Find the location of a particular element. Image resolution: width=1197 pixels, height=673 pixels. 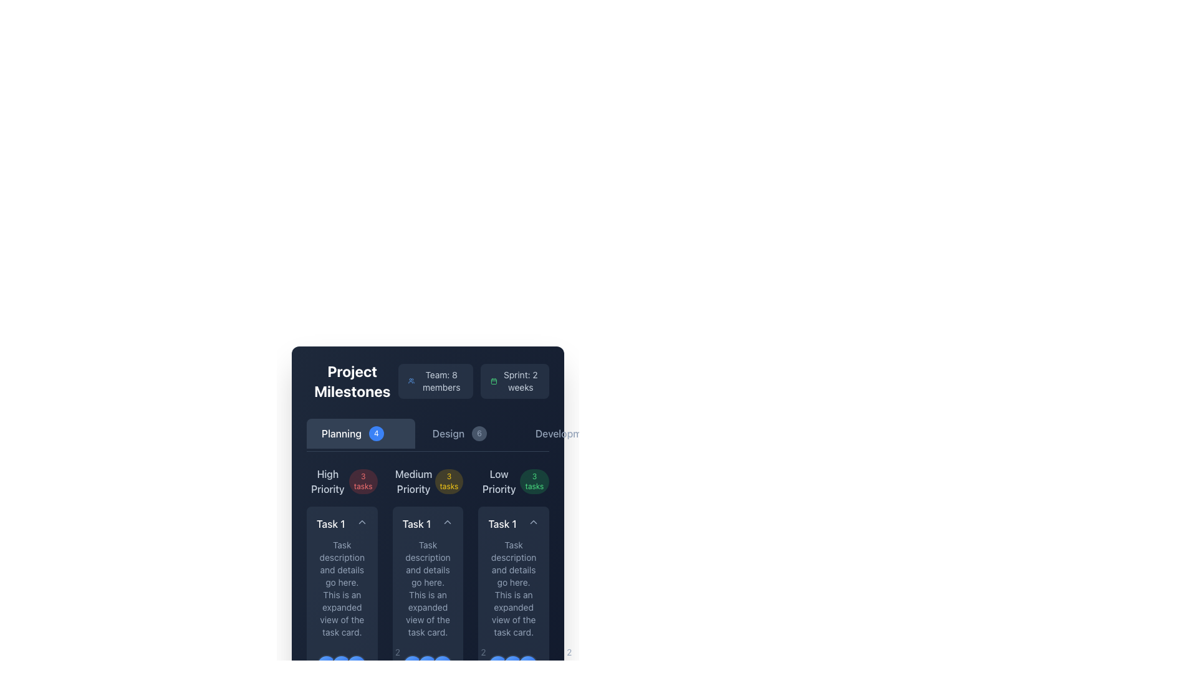

the second module in the navigation menu is located at coordinates (428, 433).